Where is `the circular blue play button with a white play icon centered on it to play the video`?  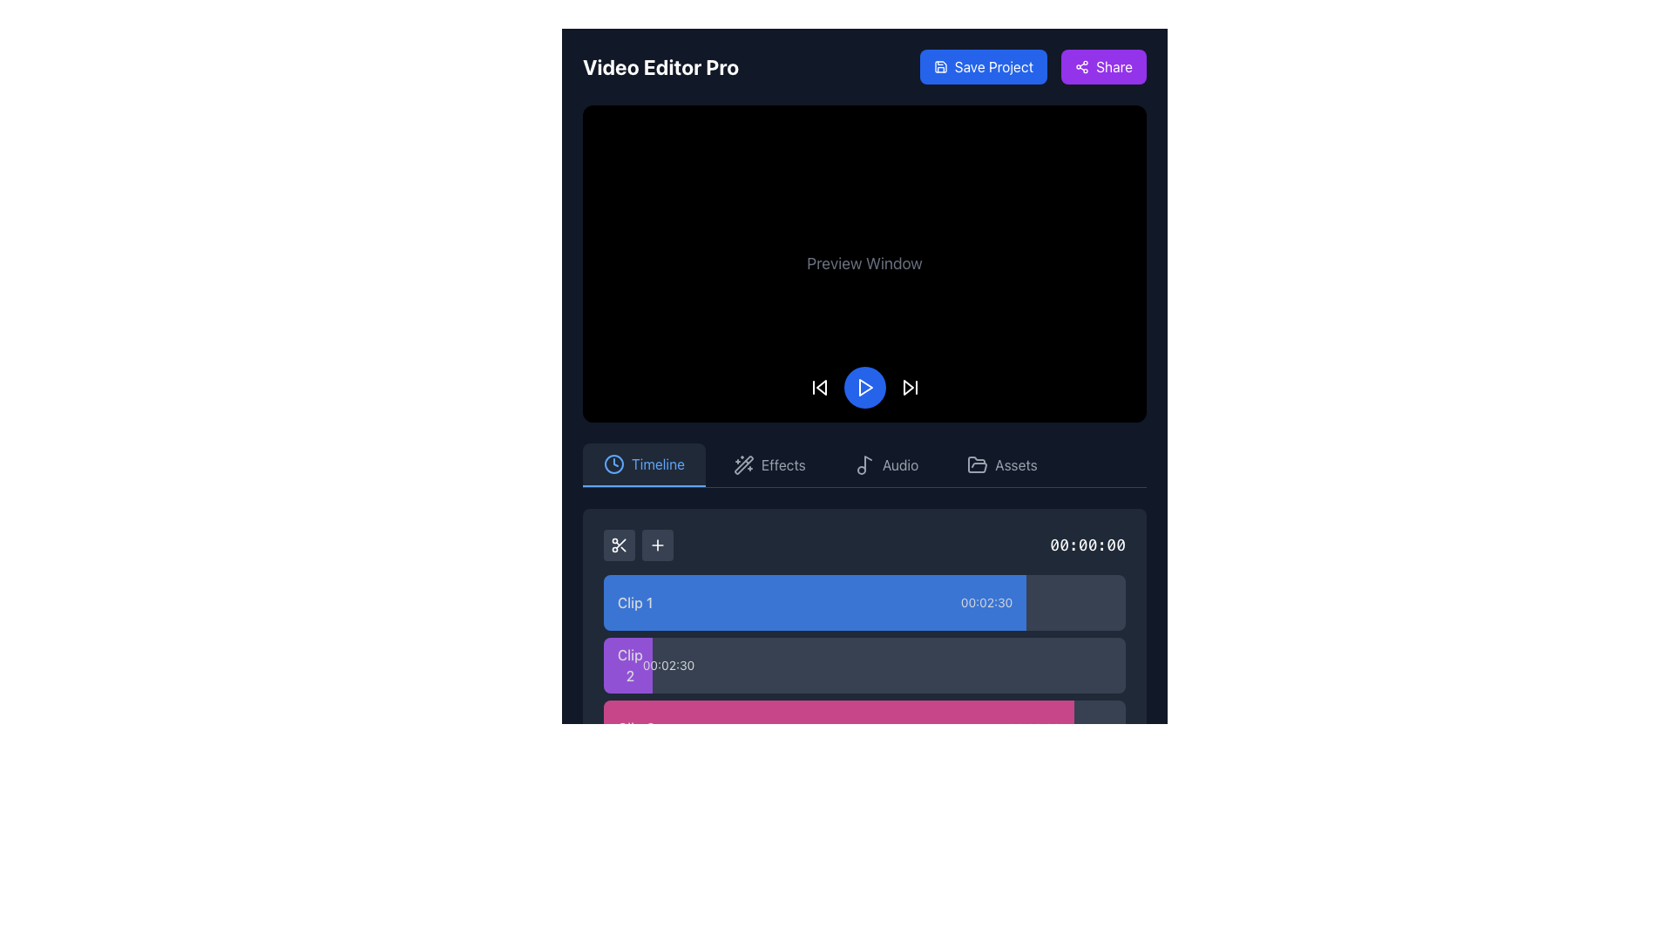 the circular blue play button with a white play icon centered on it to play the video is located at coordinates (864, 386).